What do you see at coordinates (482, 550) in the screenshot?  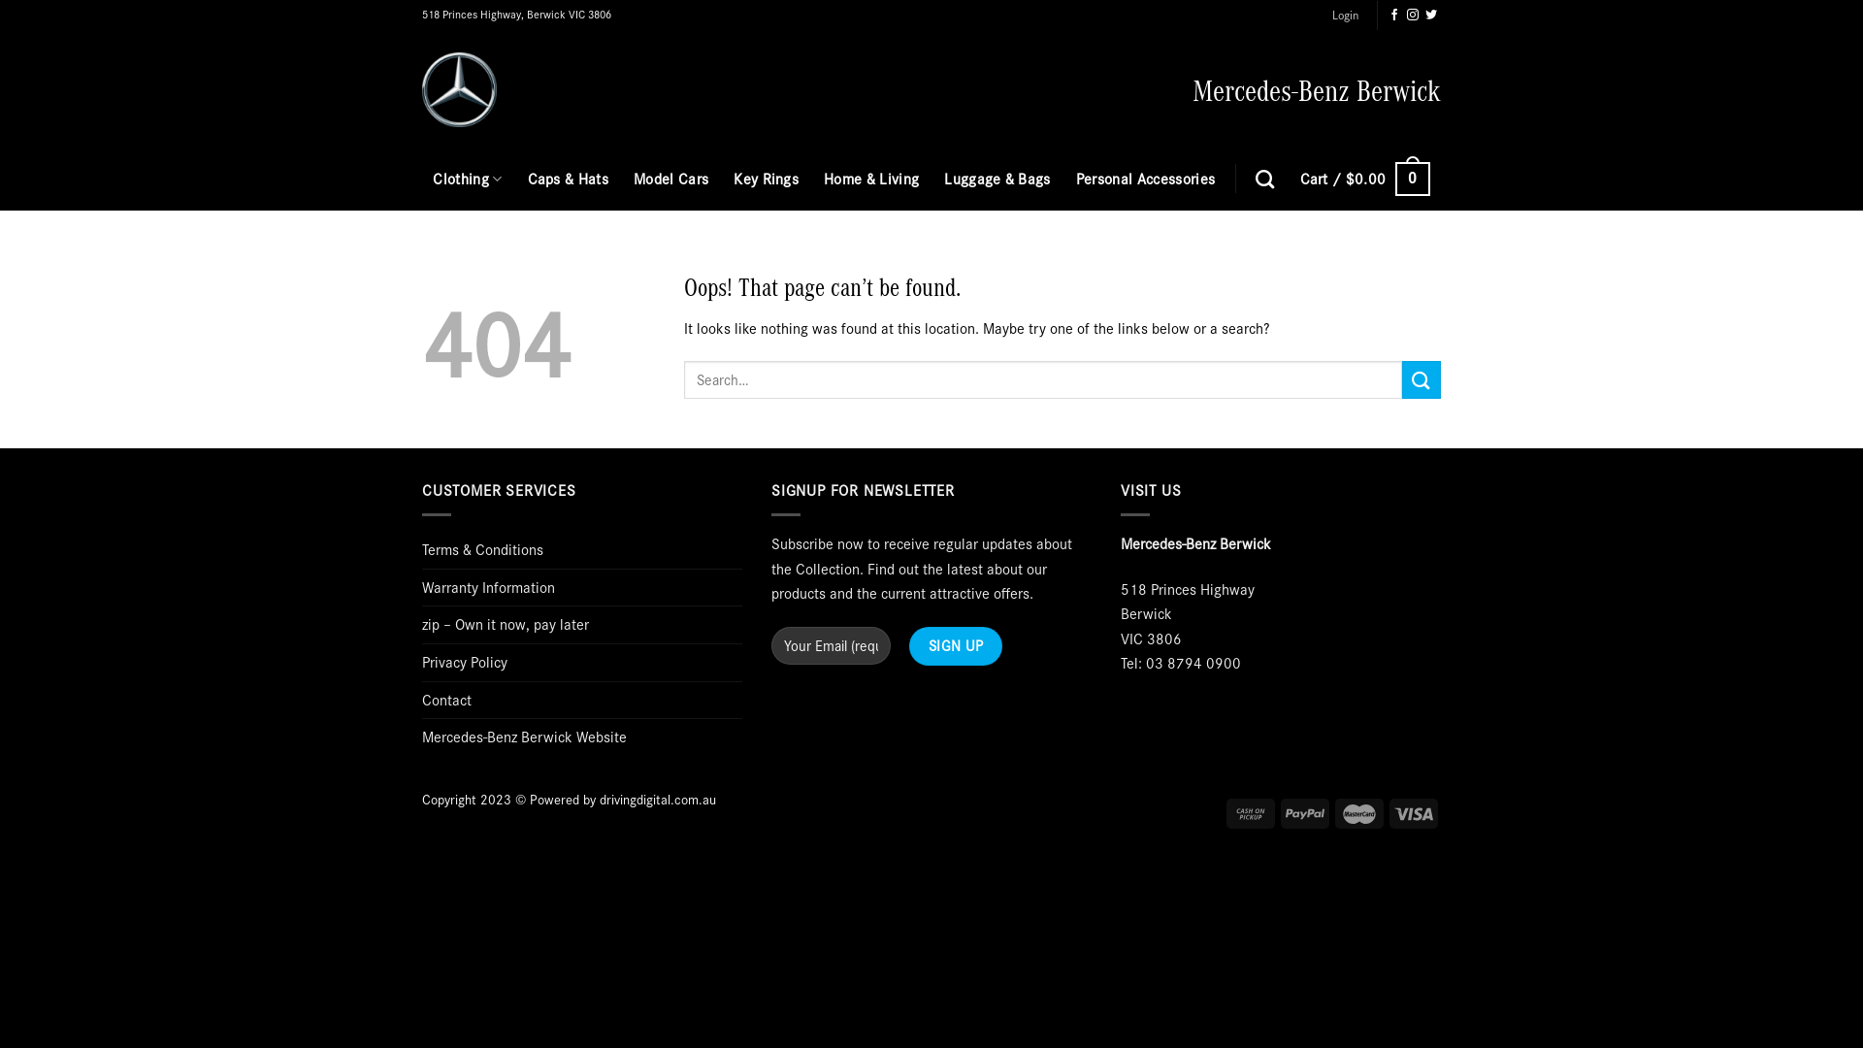 I see `'Terms & Conditions'` at bounding box center [482, 550].